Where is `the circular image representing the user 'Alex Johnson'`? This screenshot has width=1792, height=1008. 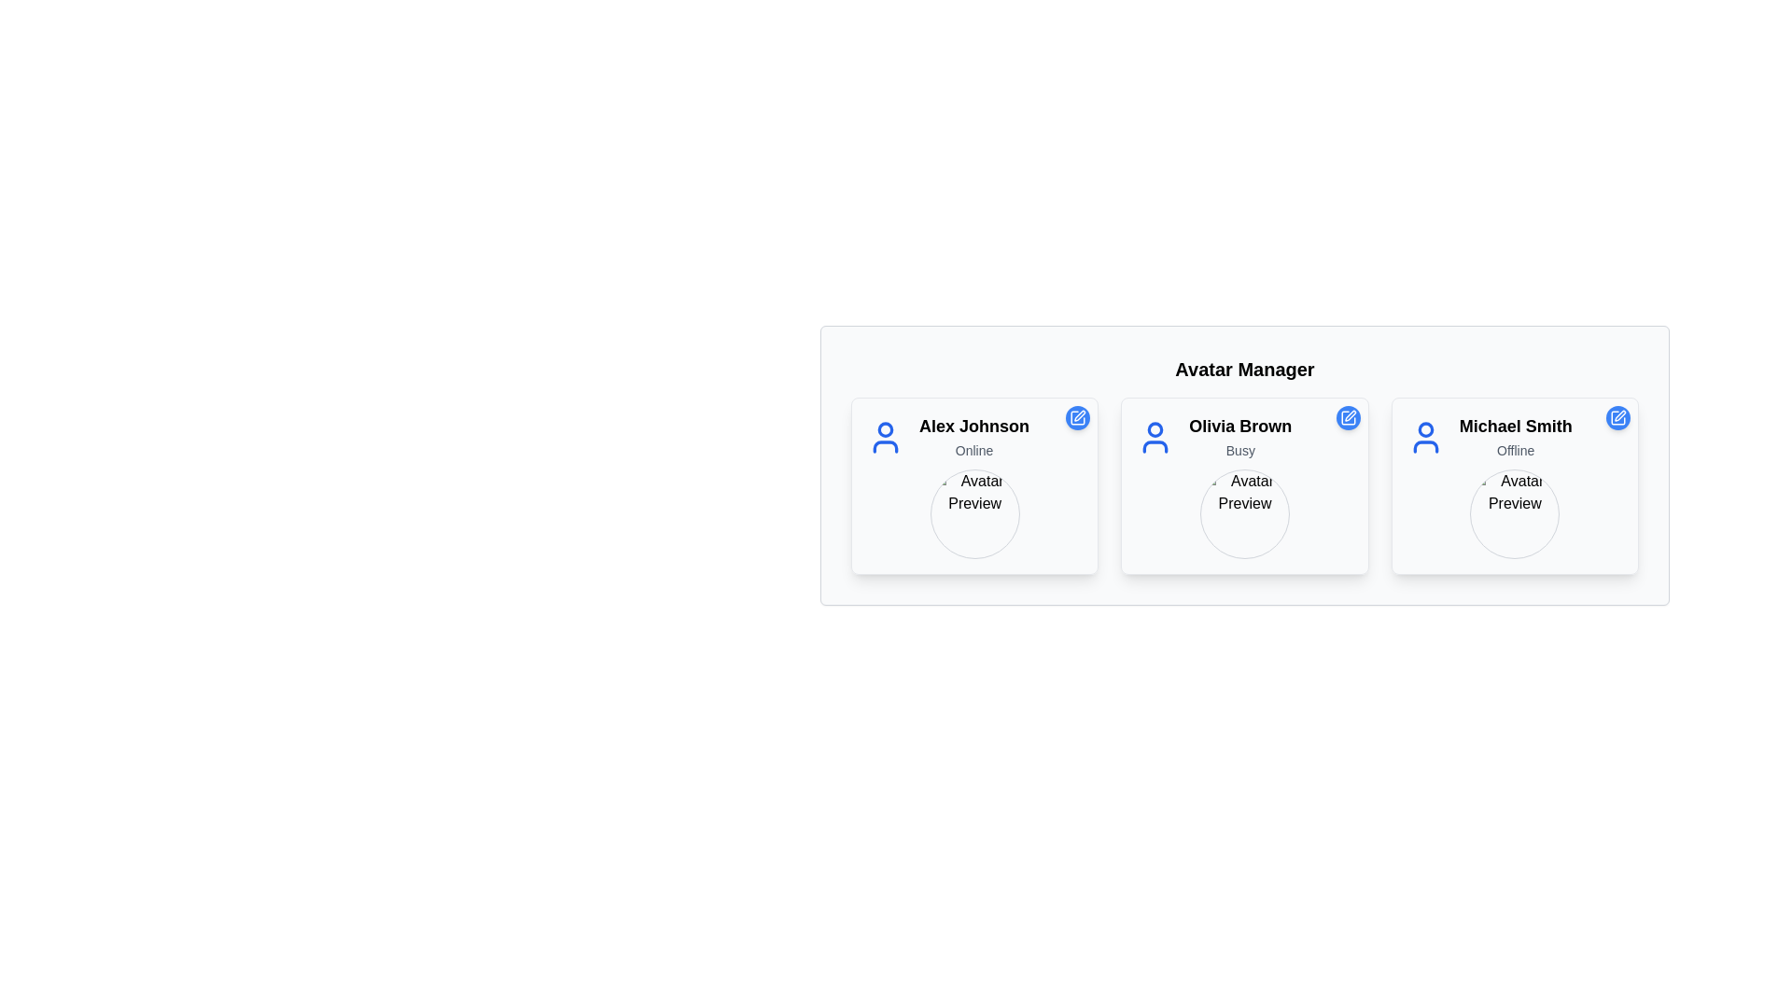
the circular image representing the user 'Alex Johnson' is located at coordinates (973, 514).